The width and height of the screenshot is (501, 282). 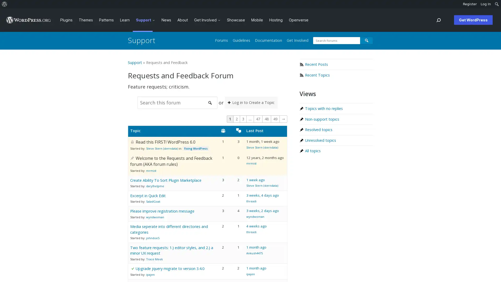 I want to click on Support submenu, so click(x=155, y=20).